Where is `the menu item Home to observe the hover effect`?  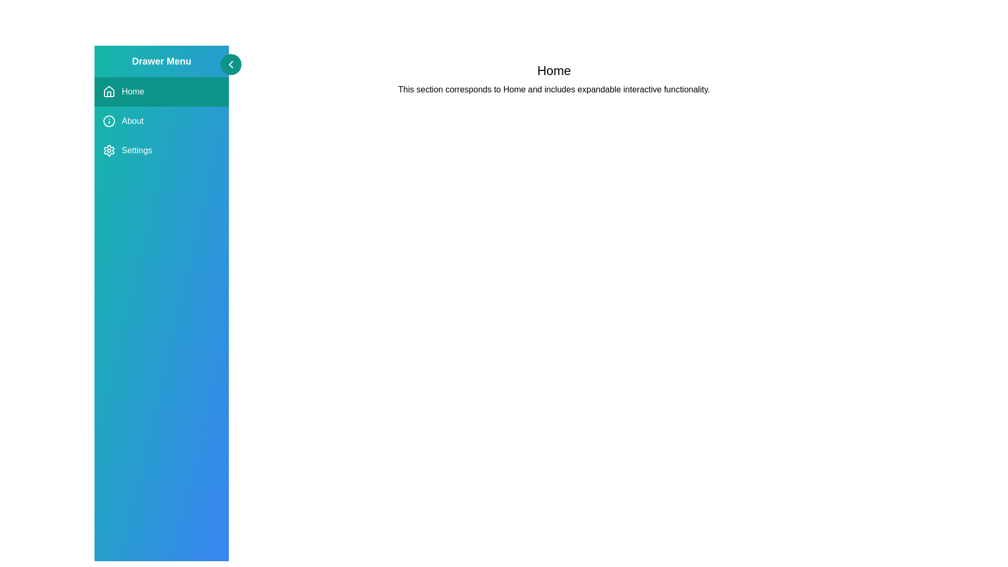
the menu item Home to observe the hover effect is located at coordinates (161, 91).